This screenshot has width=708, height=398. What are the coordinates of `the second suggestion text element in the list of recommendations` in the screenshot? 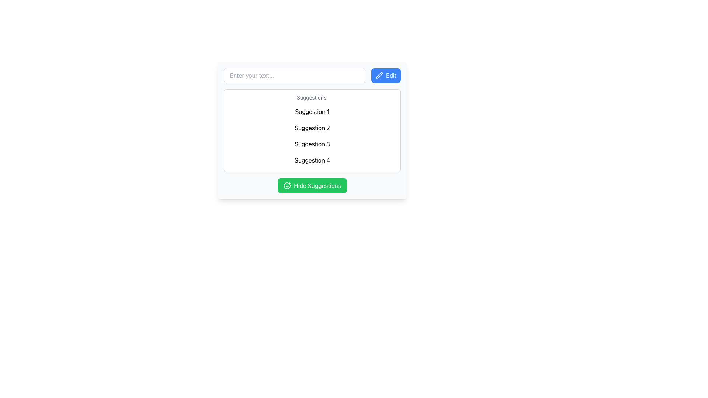 It's located at (312, 128).